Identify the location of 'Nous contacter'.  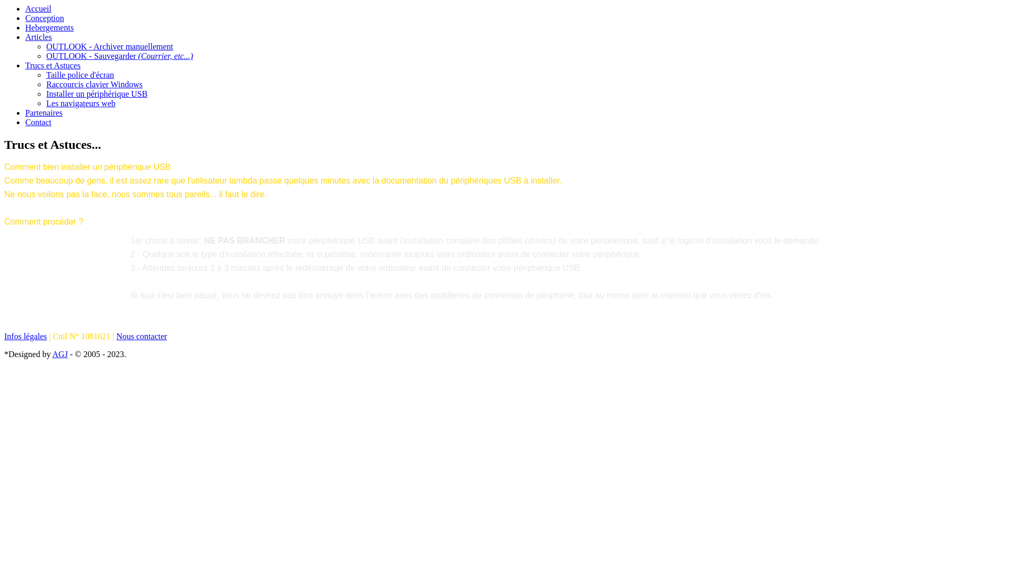
(140, 336).